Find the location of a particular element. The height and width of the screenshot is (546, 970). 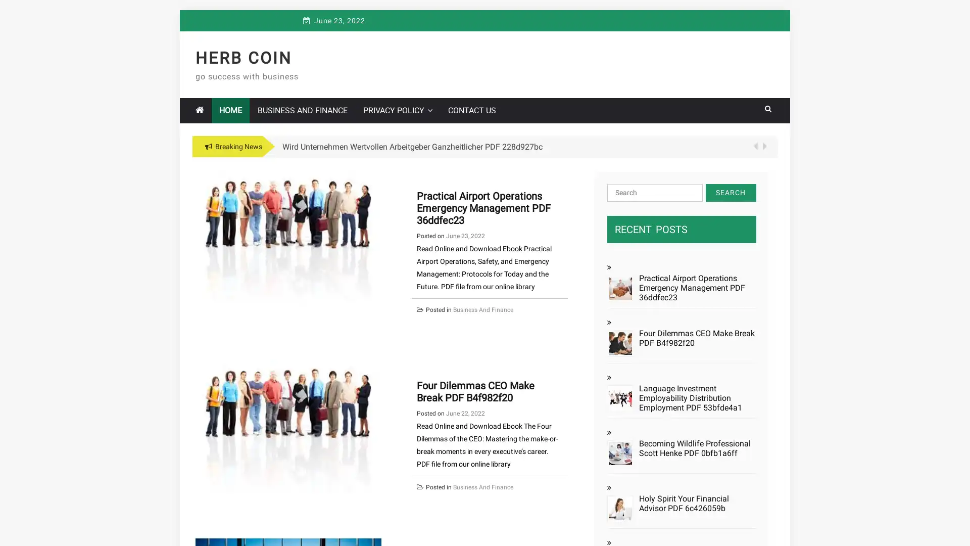

Search is located at coordinates (730, 192).